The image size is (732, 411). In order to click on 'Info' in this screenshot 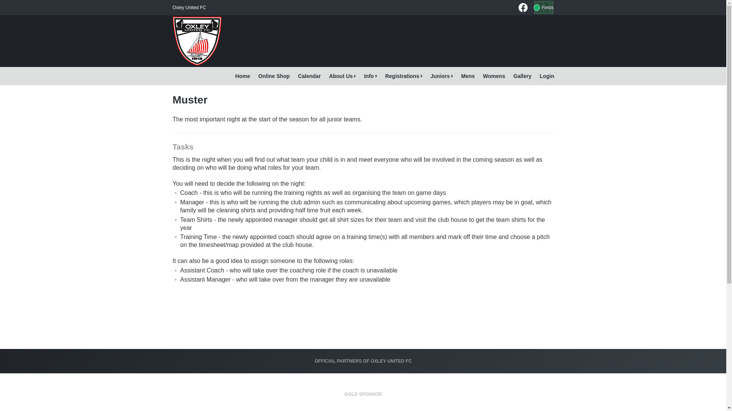, I will do `click(370, 76)`.